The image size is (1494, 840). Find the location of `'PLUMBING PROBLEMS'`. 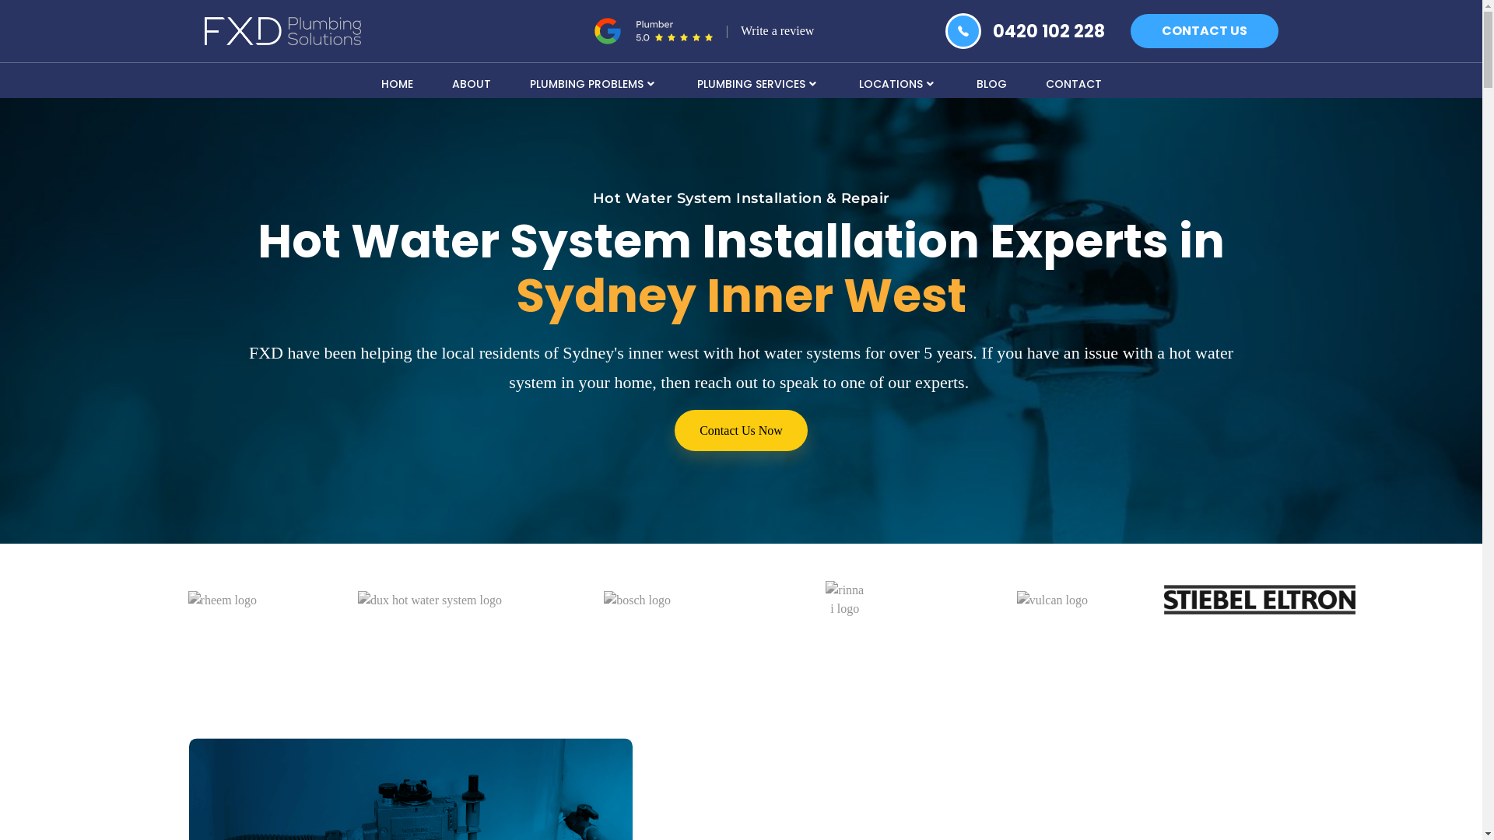

'PLUMBING PROBLEMS' is located at coordinates (510, 82).